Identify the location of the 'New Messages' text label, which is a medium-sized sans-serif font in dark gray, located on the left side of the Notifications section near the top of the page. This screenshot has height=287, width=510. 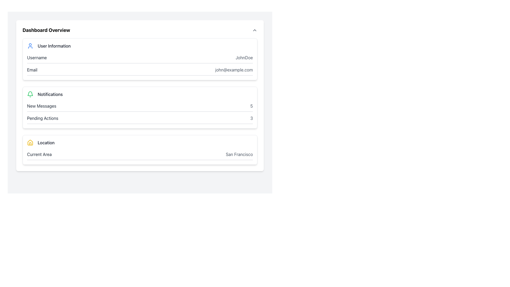
(41, 106).